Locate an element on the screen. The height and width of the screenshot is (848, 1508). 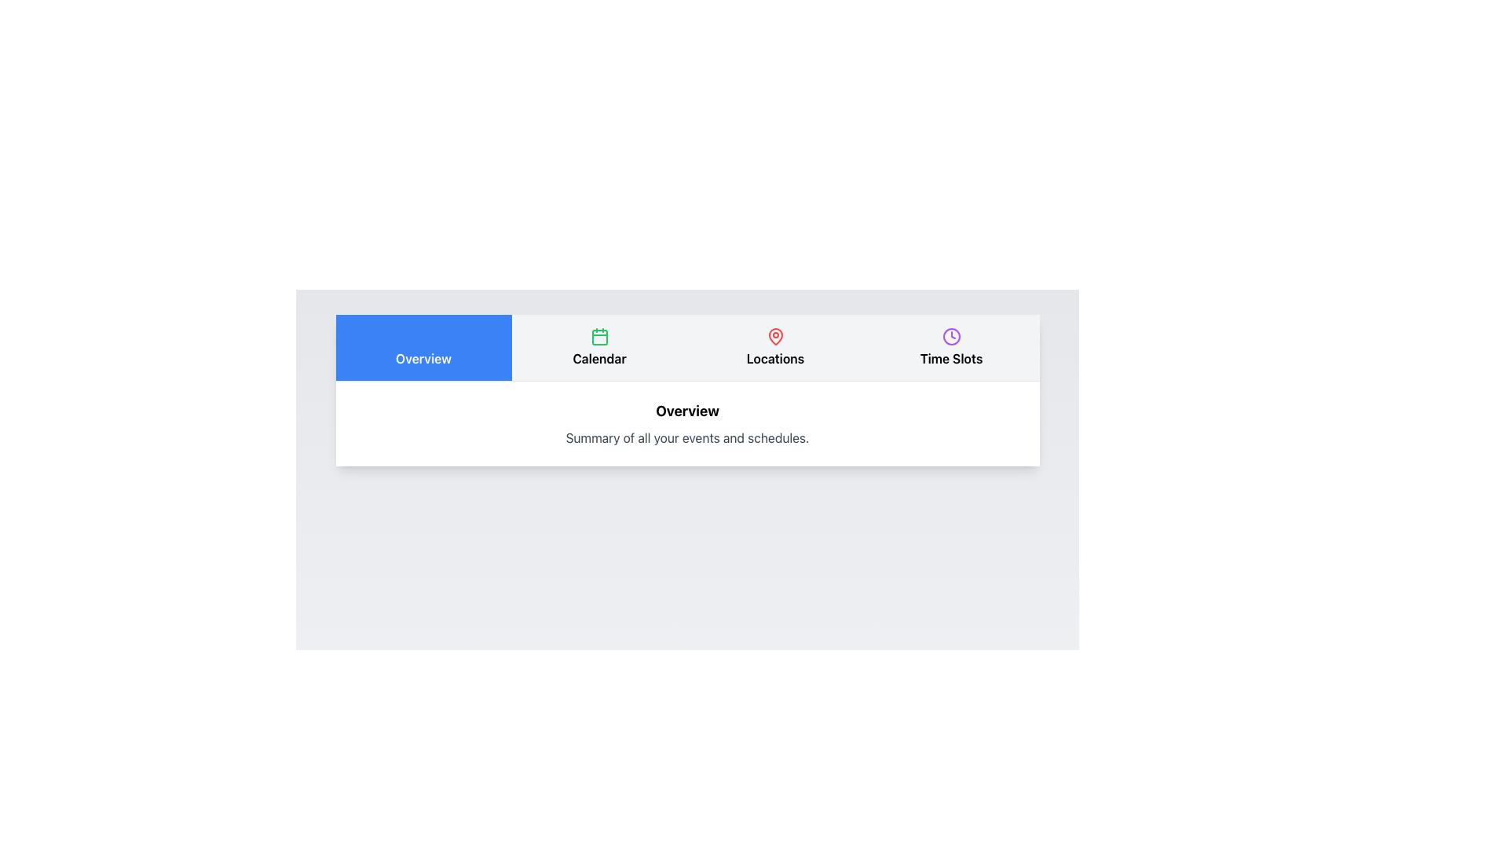
the 'Time Slots' tab in the navigation bar is located at coordinates (950, 347).